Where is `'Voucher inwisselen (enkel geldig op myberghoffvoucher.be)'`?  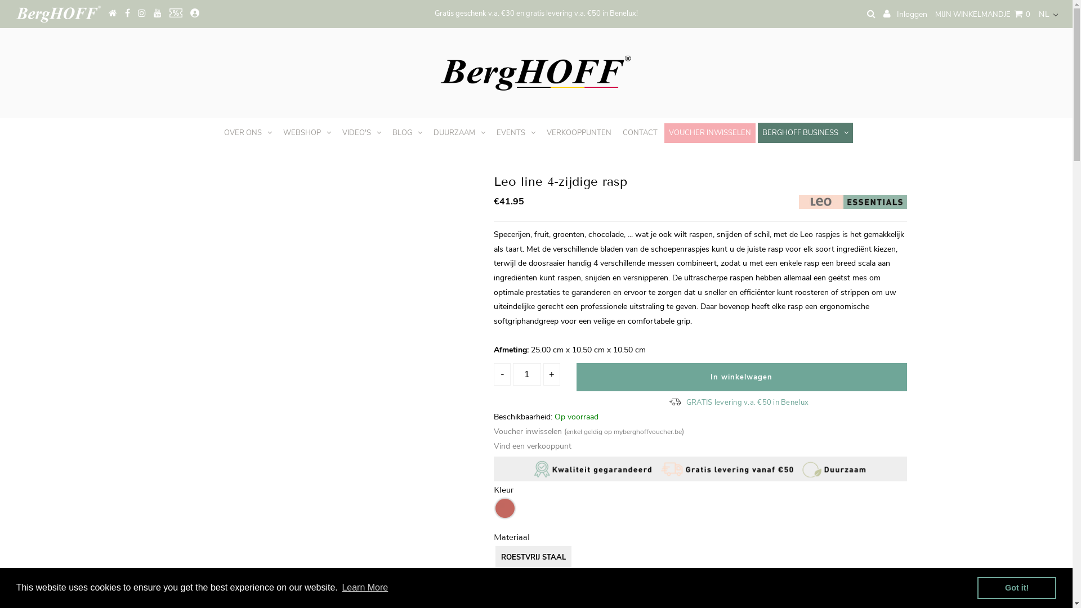 'Voucher inwisselen (enkel geldig op myberghoffvoucher.be)' is located at coordinates (588, 431).